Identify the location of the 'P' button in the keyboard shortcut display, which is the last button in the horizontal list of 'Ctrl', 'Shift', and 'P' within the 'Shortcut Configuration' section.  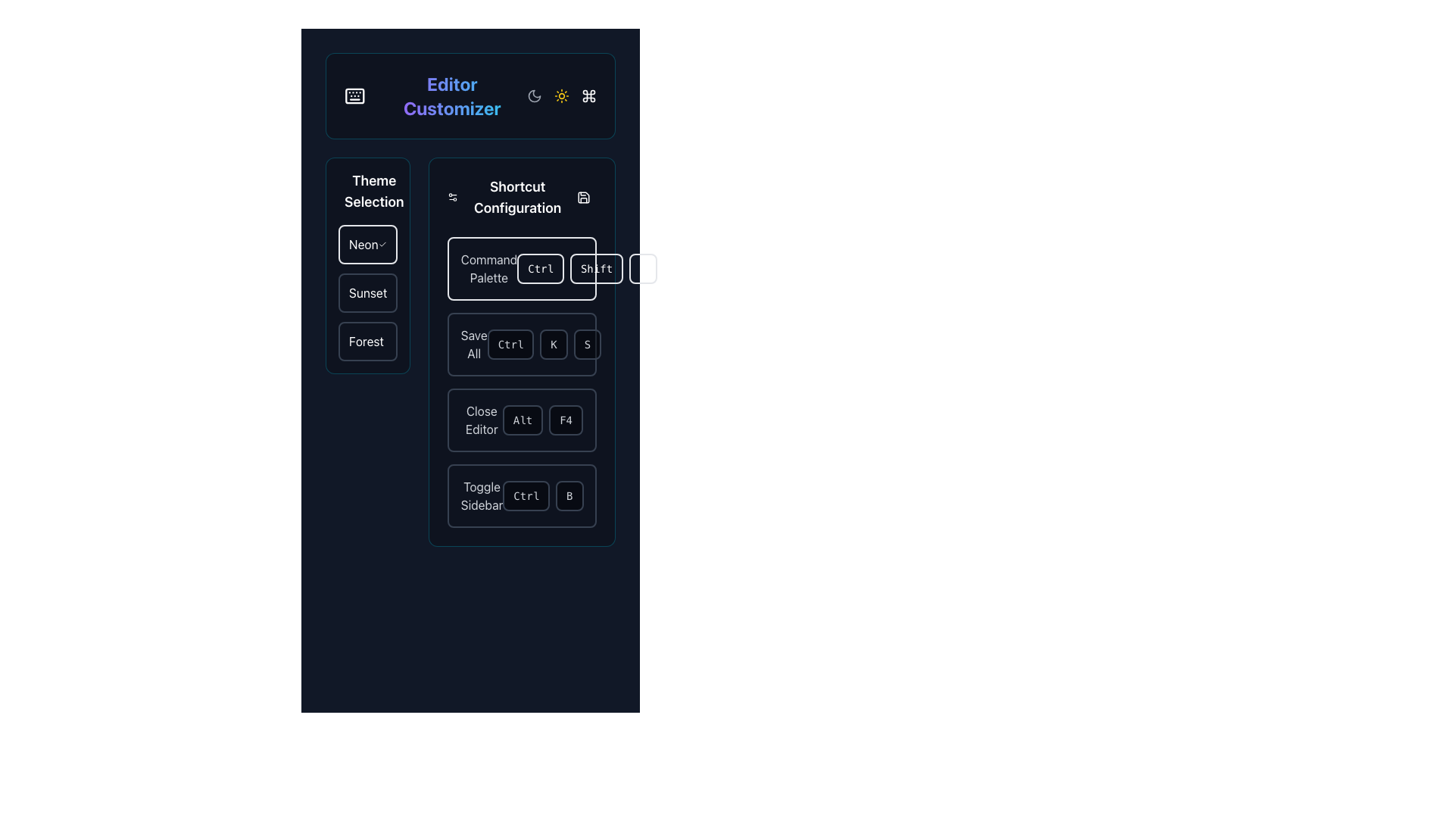
(643, 267).